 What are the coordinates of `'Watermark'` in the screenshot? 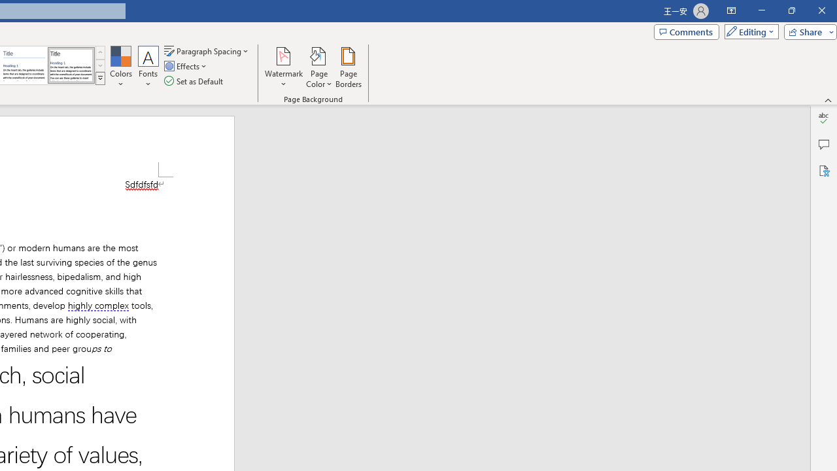 It's located at (283, 67).